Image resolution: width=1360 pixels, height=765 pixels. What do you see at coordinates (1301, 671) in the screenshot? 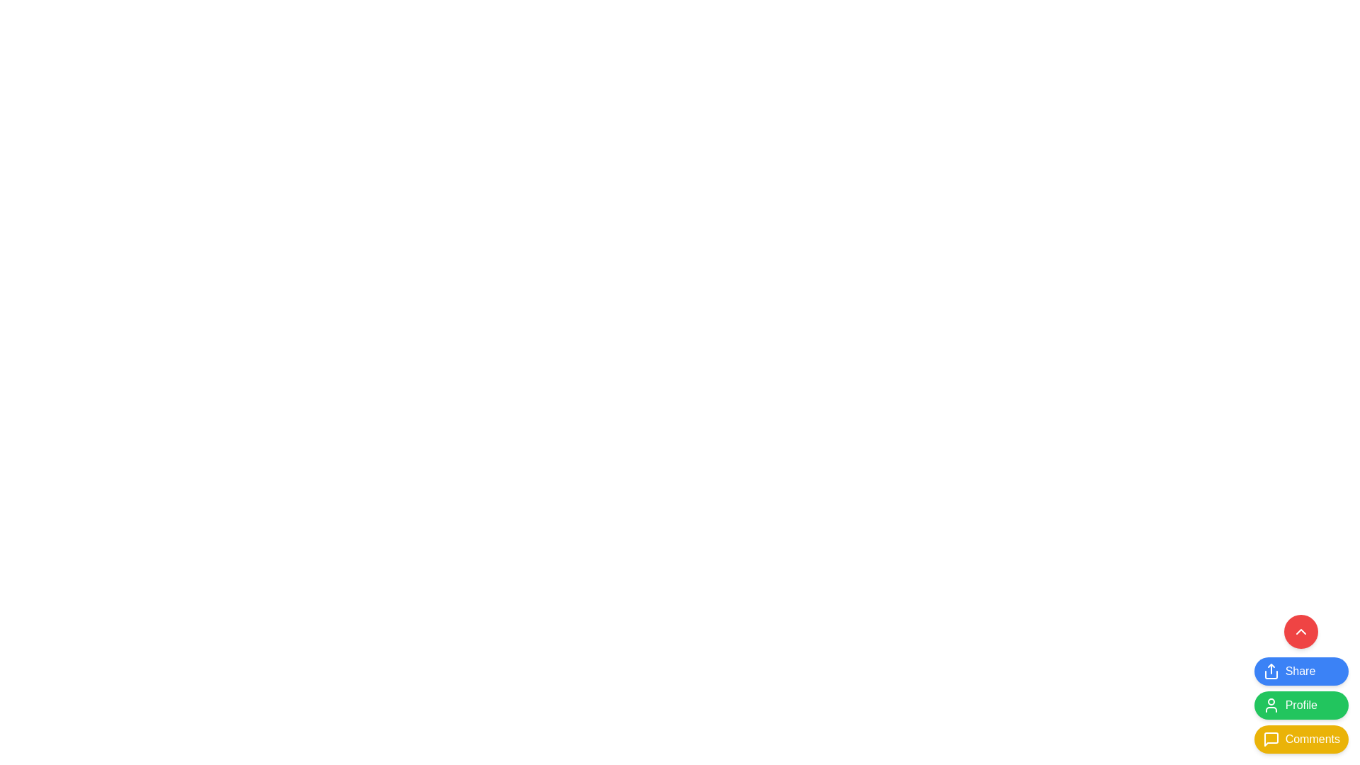
I see `the share button located in the bottom right corner of the interface, positioned above the 'Profile' and 'Comments' buttons, to trigger additional effects` at bounding box center [1301, 671].